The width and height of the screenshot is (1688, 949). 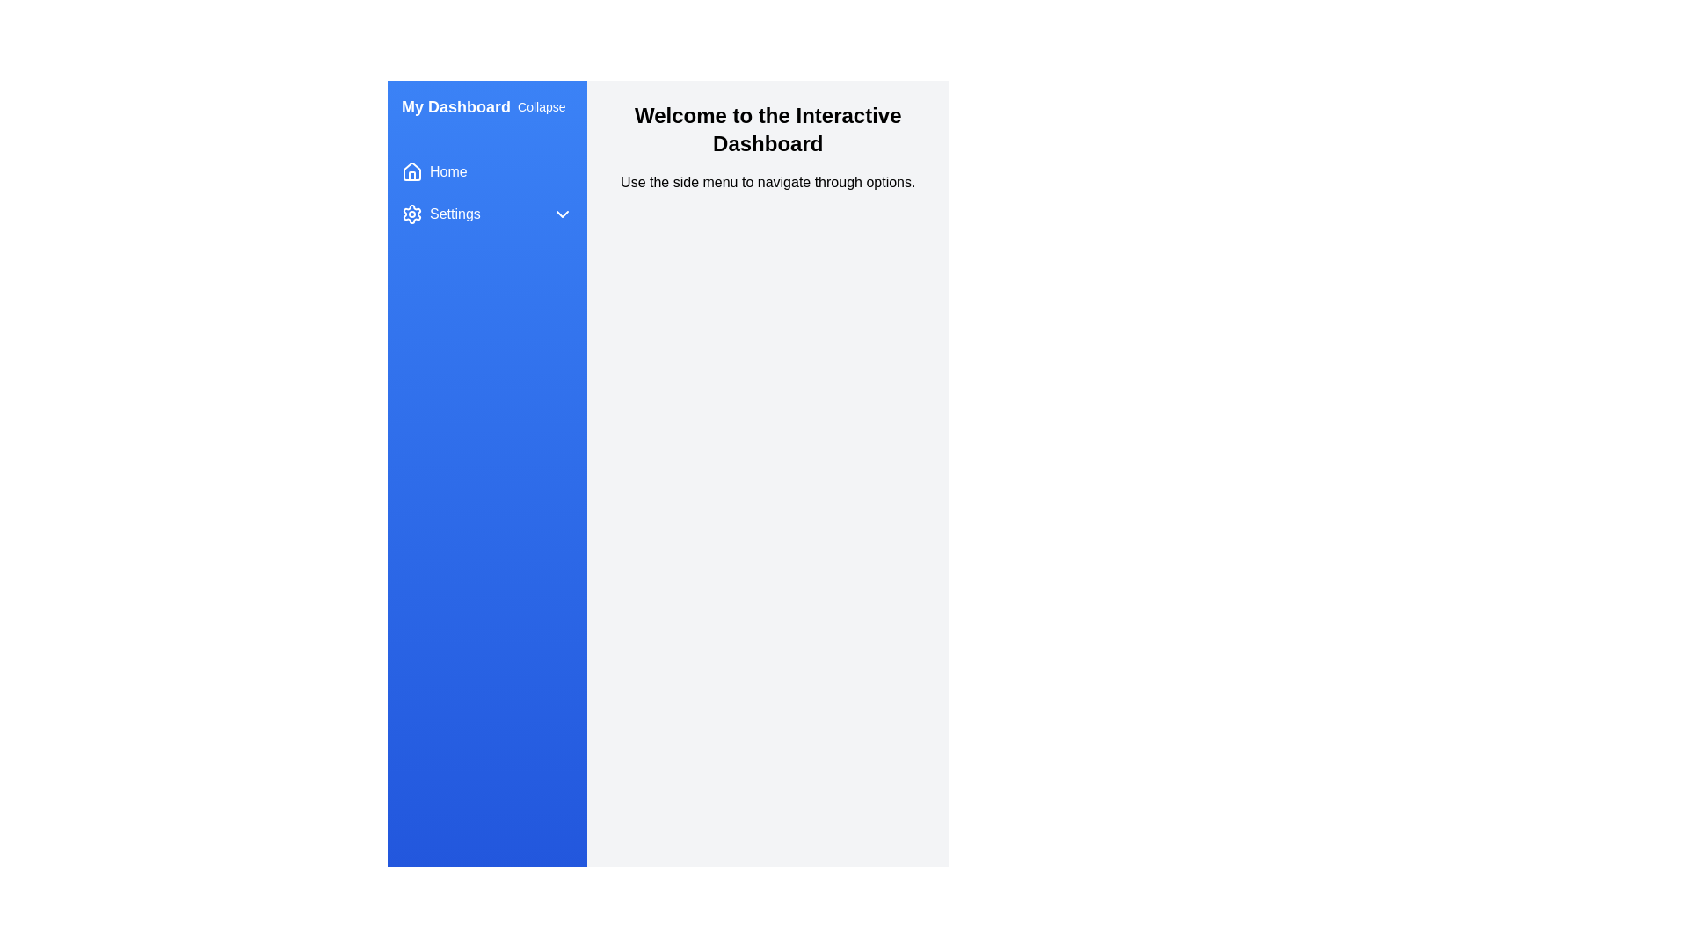 I want to click on the gear-like icon on the blue background adjacent to the 'Settings' label, so click(x=411, y=213).